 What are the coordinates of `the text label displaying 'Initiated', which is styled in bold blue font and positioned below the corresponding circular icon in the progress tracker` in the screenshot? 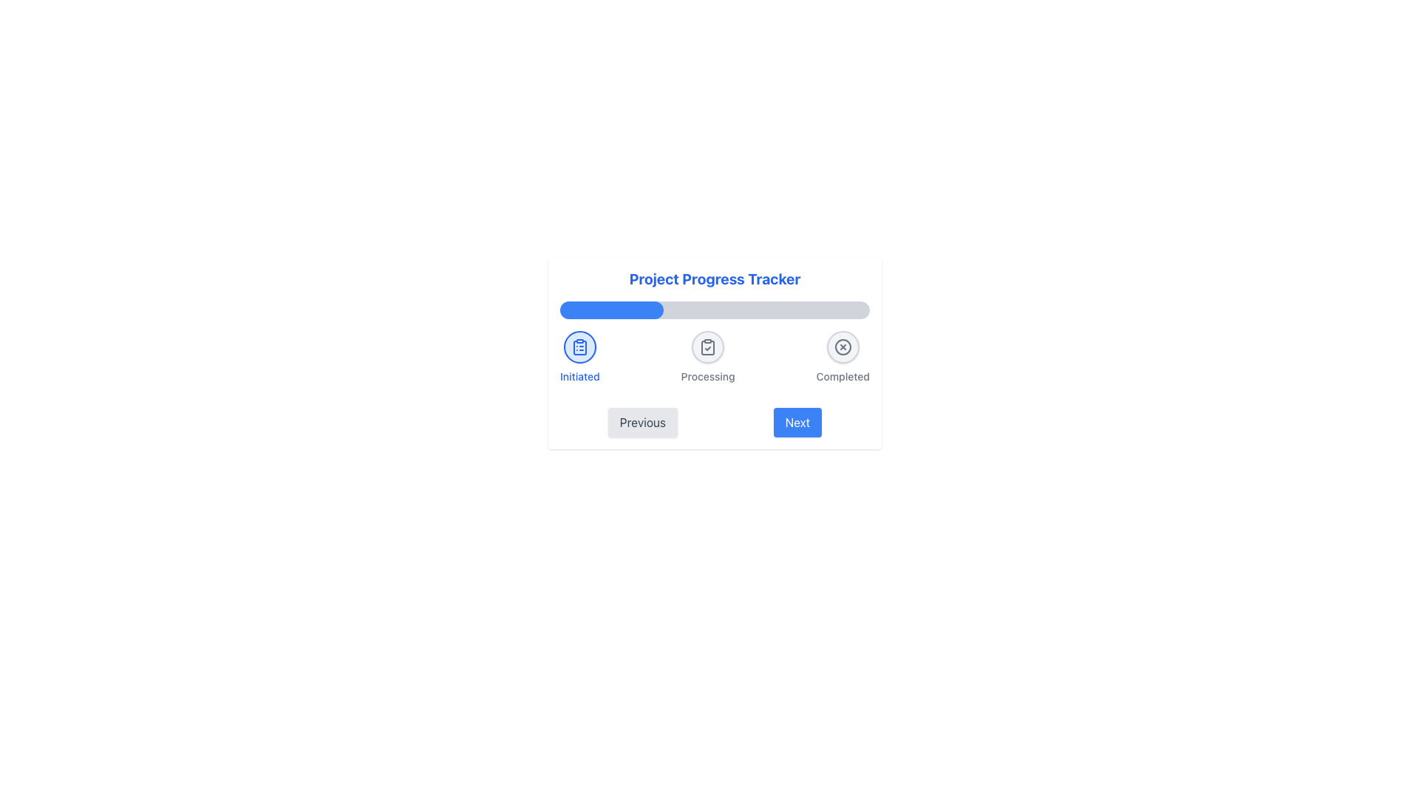 It's located at (579, 375).